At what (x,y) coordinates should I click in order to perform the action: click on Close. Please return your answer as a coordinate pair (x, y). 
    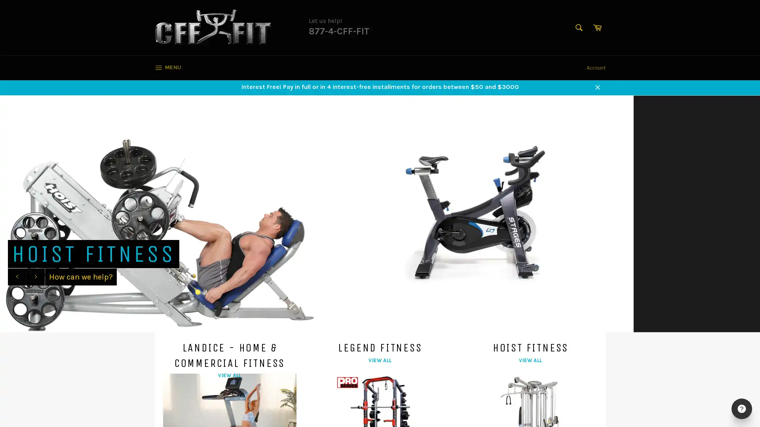
    Looking at the image, I should click on (598, 88).